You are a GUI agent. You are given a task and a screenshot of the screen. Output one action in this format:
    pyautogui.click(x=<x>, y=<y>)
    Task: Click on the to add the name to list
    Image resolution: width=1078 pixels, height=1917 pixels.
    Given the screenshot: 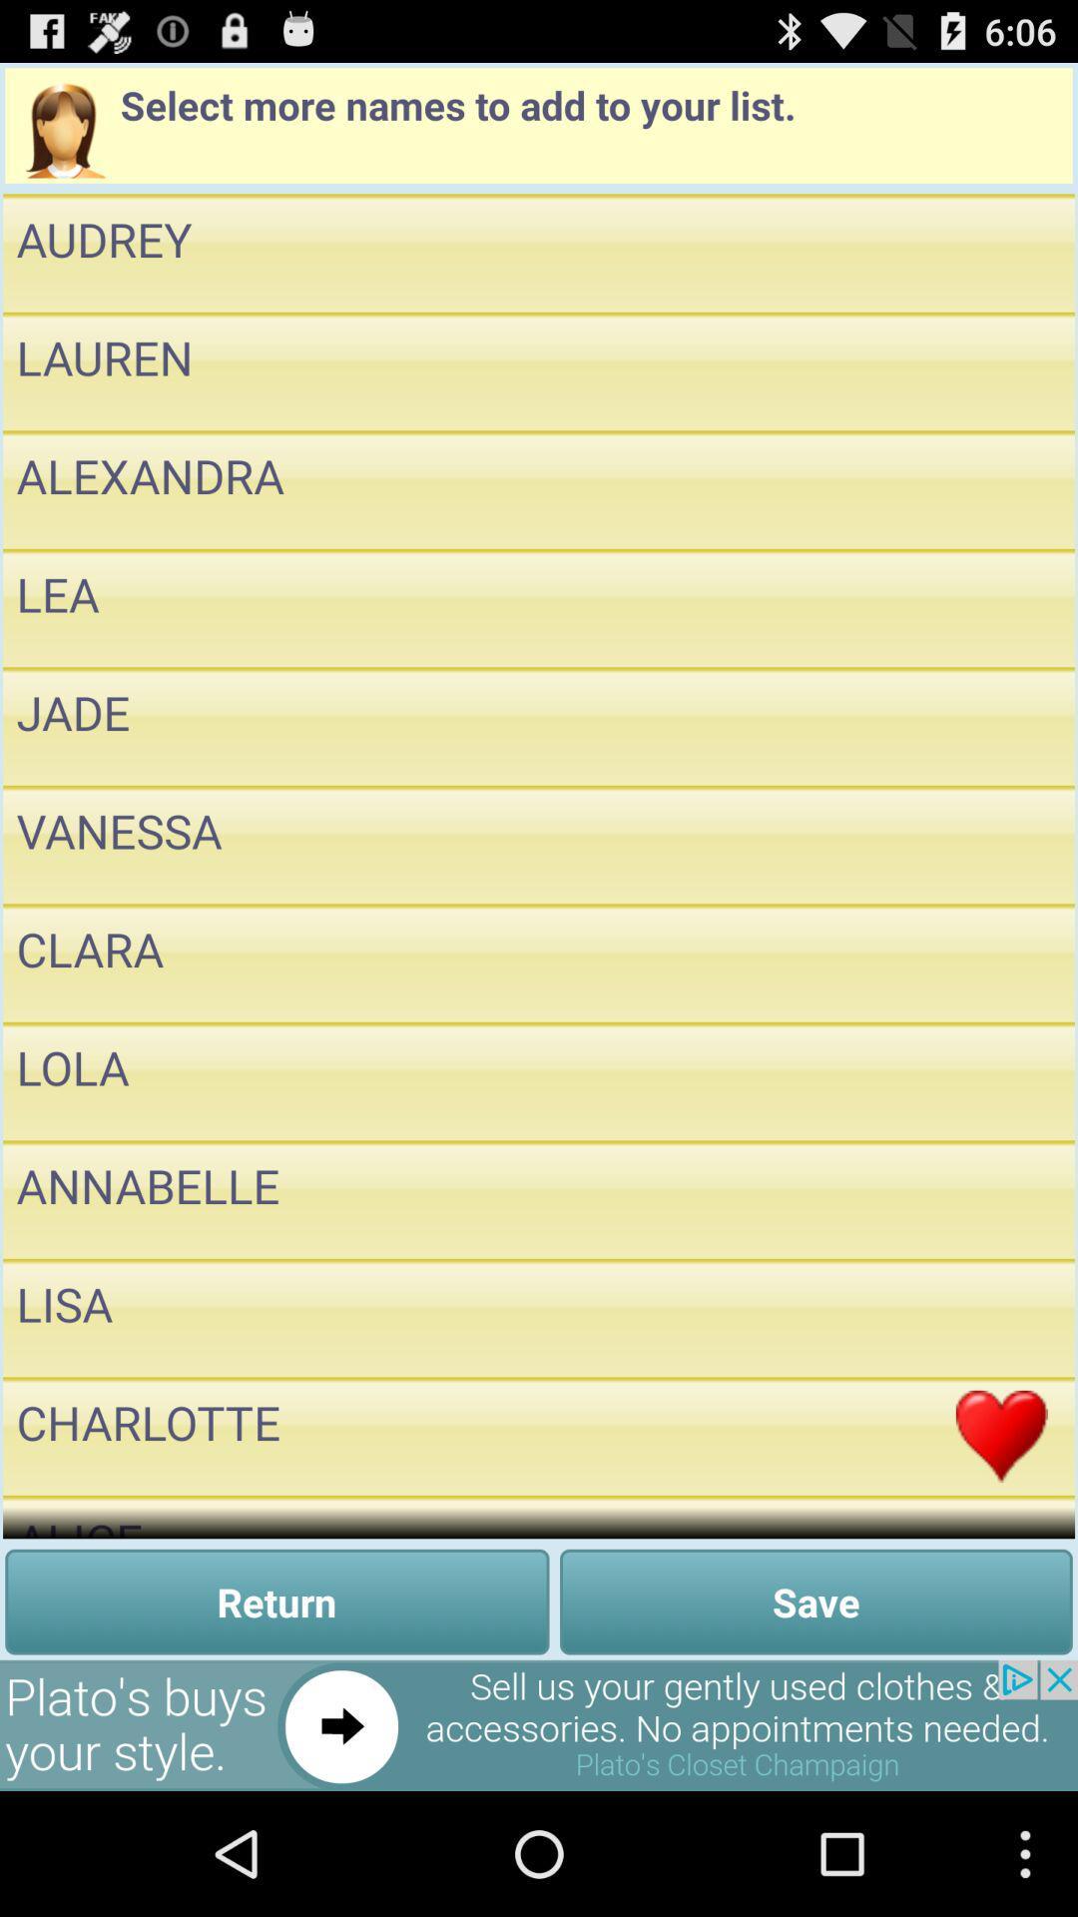 What is the action you would take?
    pyautogui.click(x=1001, y=607)
    